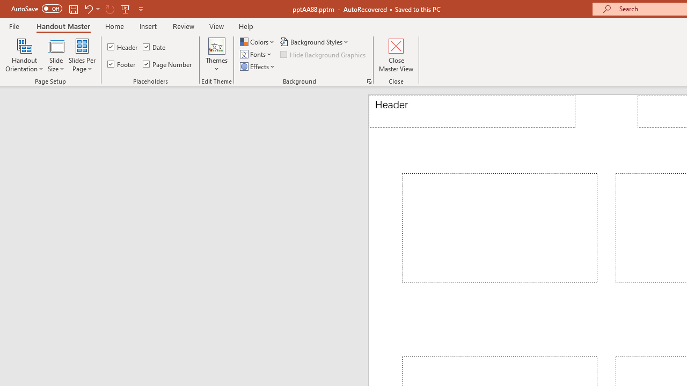 Image resolution: width=687 pixels, height=386 pixels. Describe the element at coordinates (369, 80) in the screenshot. I see `'Format Background...'` at that location.